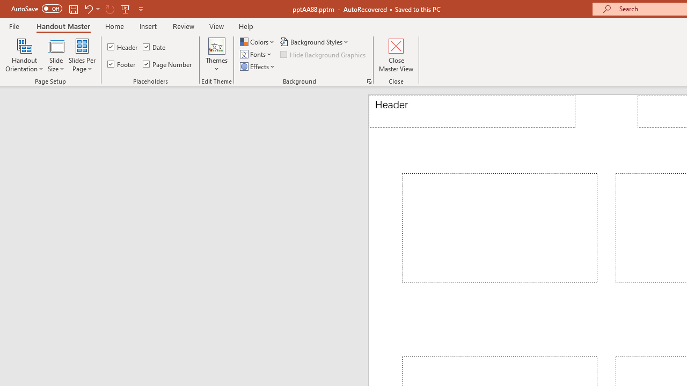 Image resolution: width=687 pixels, height=386 pixels. Describe the element at coordinates (369, 80) in the screenshot. I see `'Format Background...'` at that location.